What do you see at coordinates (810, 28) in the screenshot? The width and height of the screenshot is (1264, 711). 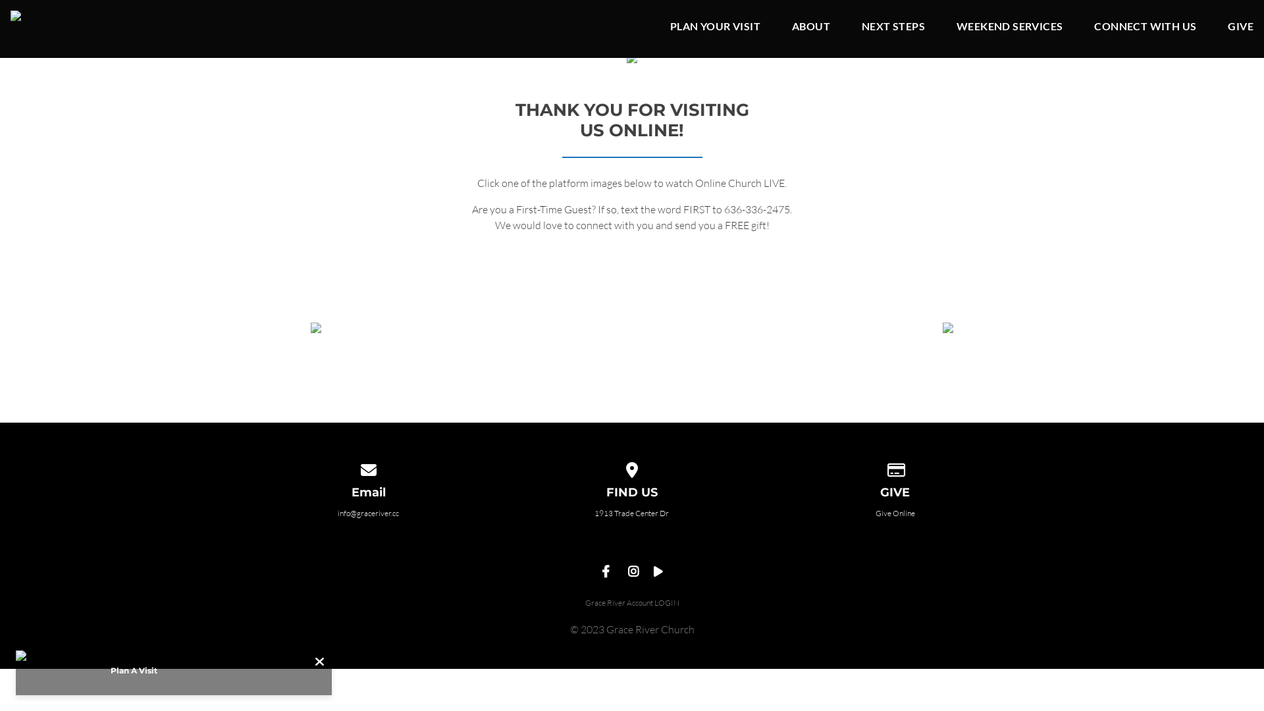 I see `'ABOUT'` at bounding box center [810, 28].